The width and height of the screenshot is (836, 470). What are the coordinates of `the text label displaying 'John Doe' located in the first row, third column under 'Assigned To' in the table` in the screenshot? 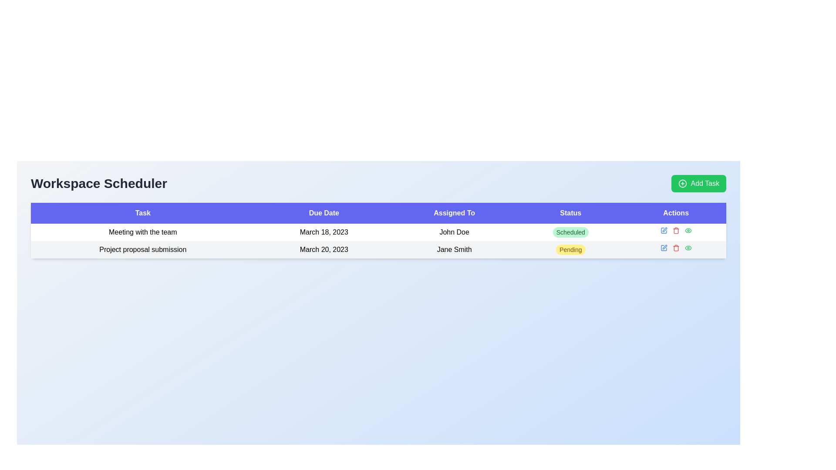 It's located at (454, 232).